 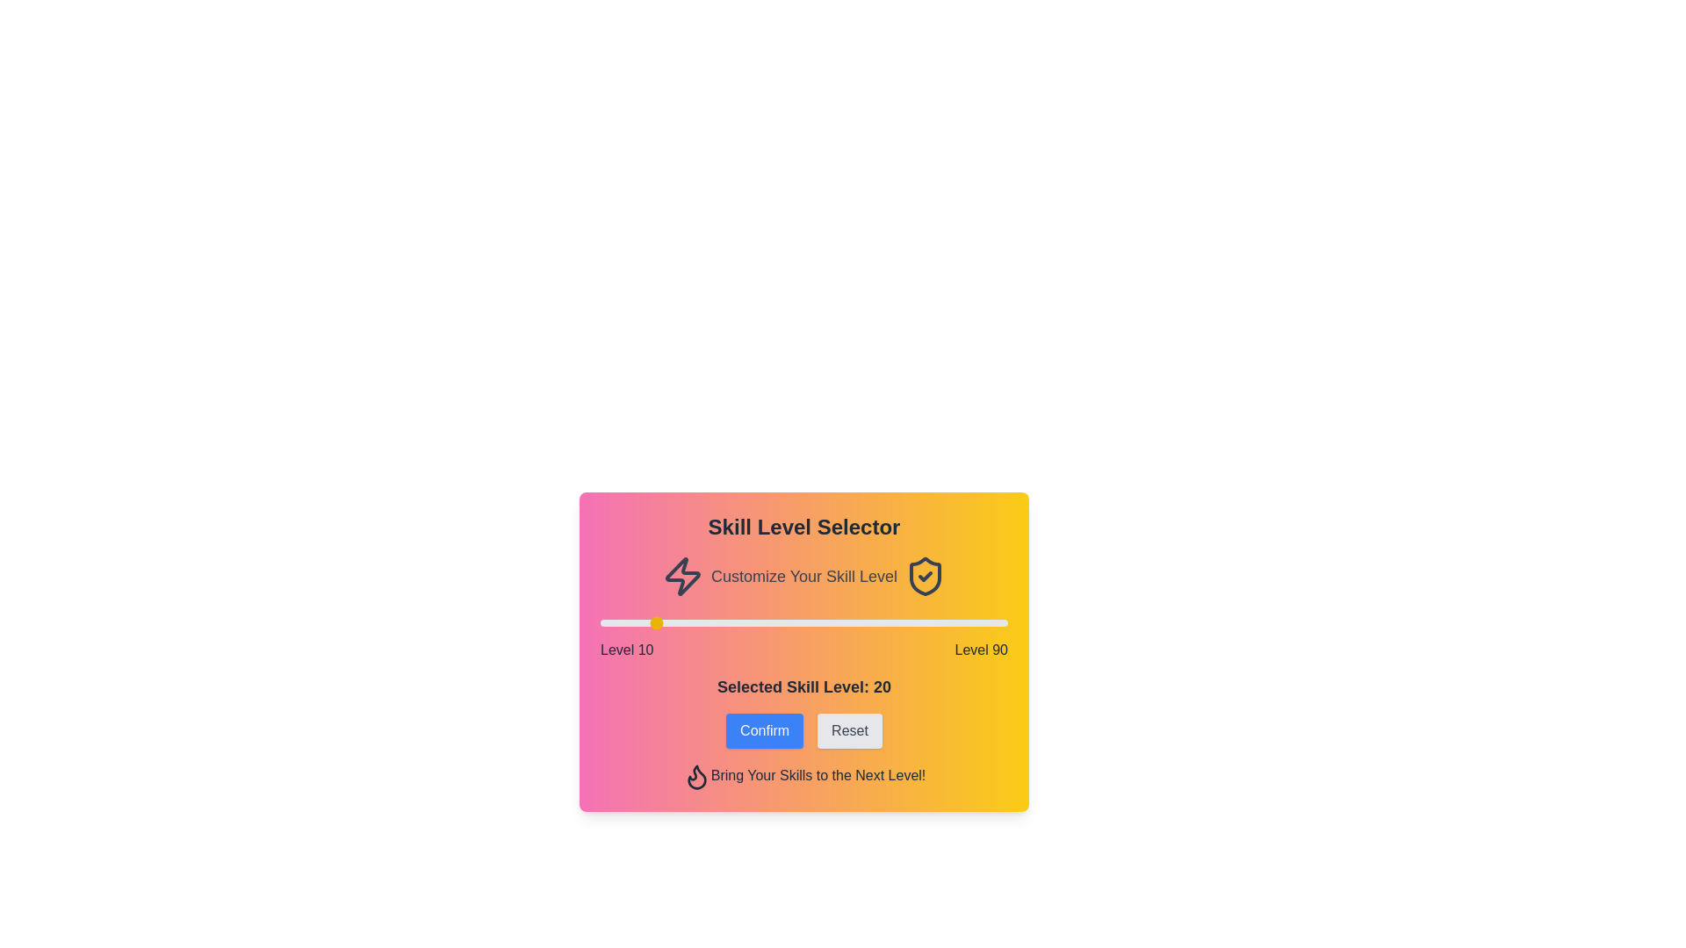 What do you see at coordinates (768, 621) in the screenshot?
I see `the skill level slider to 43` at bounding box center [768, 621].